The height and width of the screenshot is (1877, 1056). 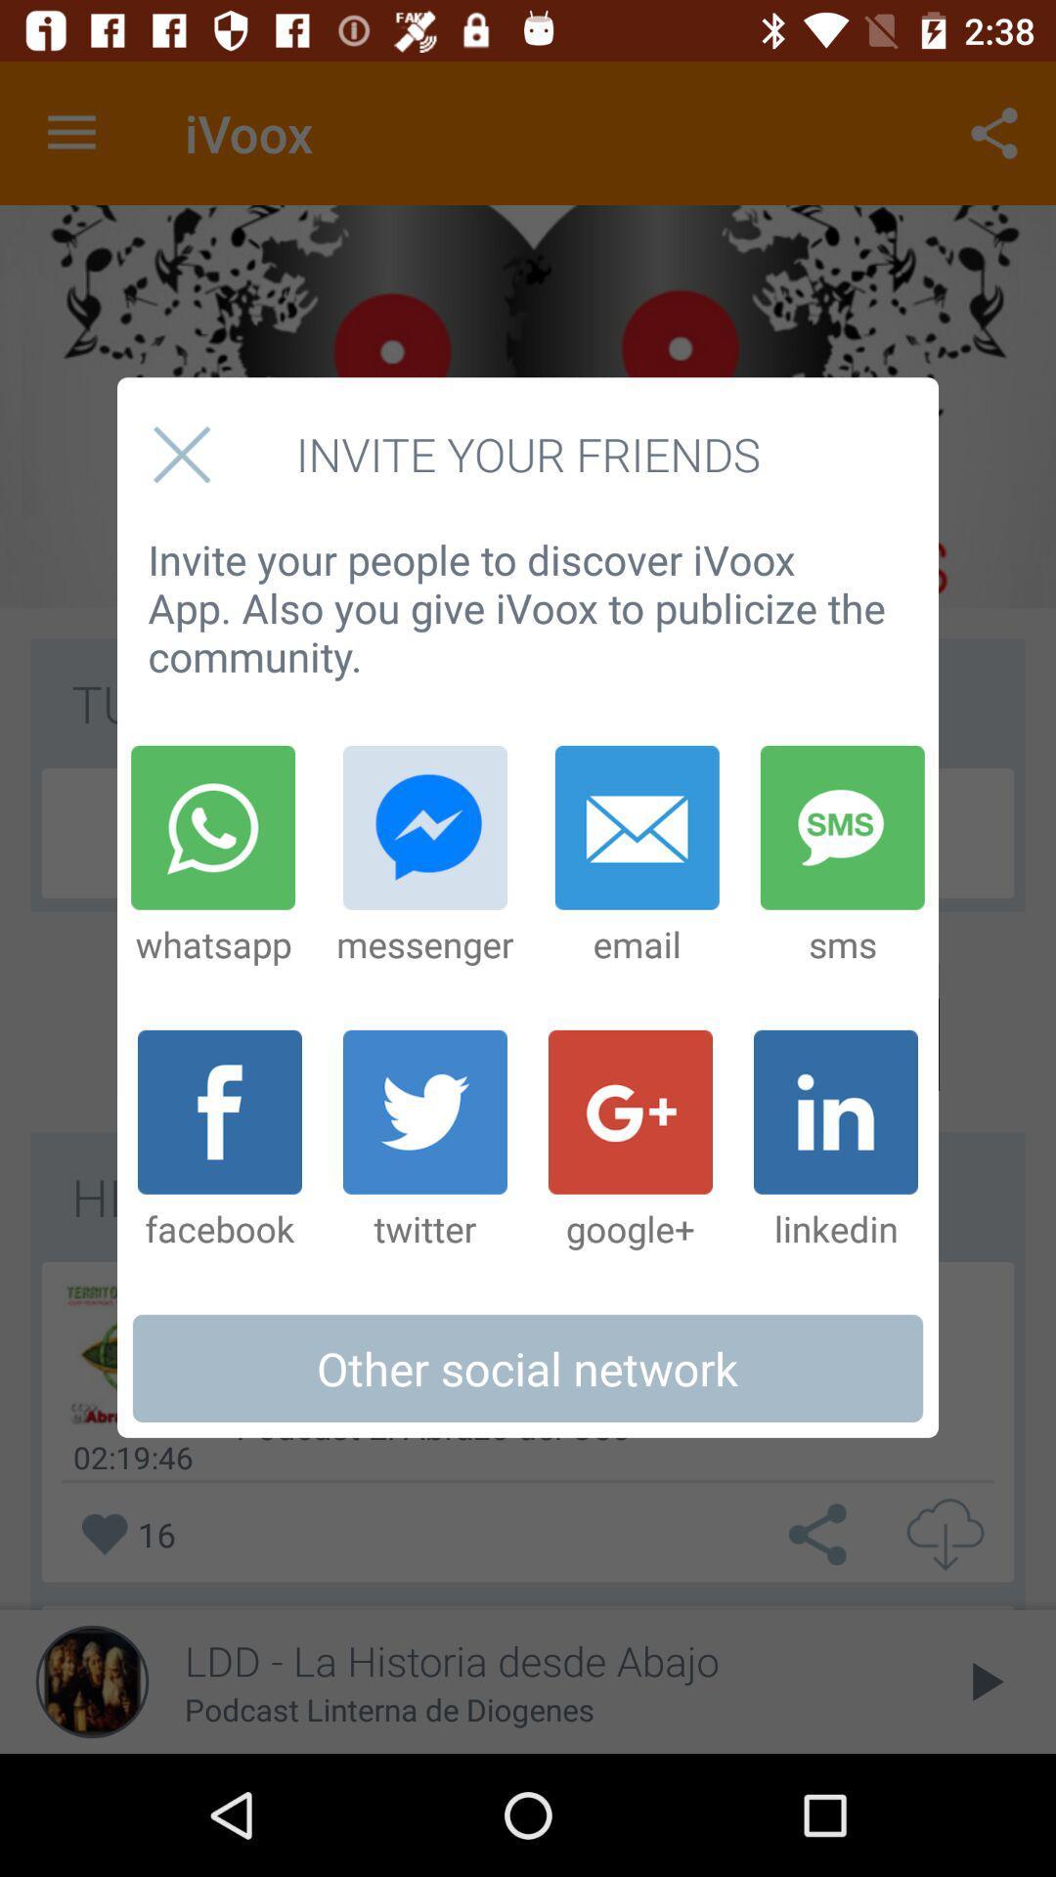 What do you see at coordinates (637, 856) in the screenshot?
I see `item below the invite your people` at bounding box center [637, 856].